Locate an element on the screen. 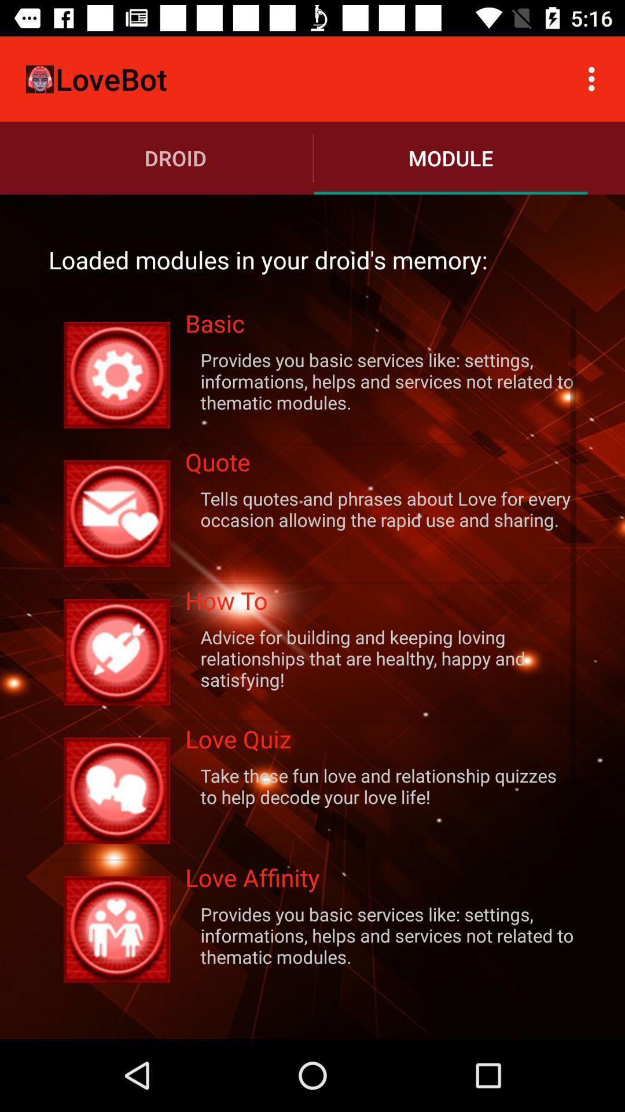  quote is located at coordinates (381, 466).